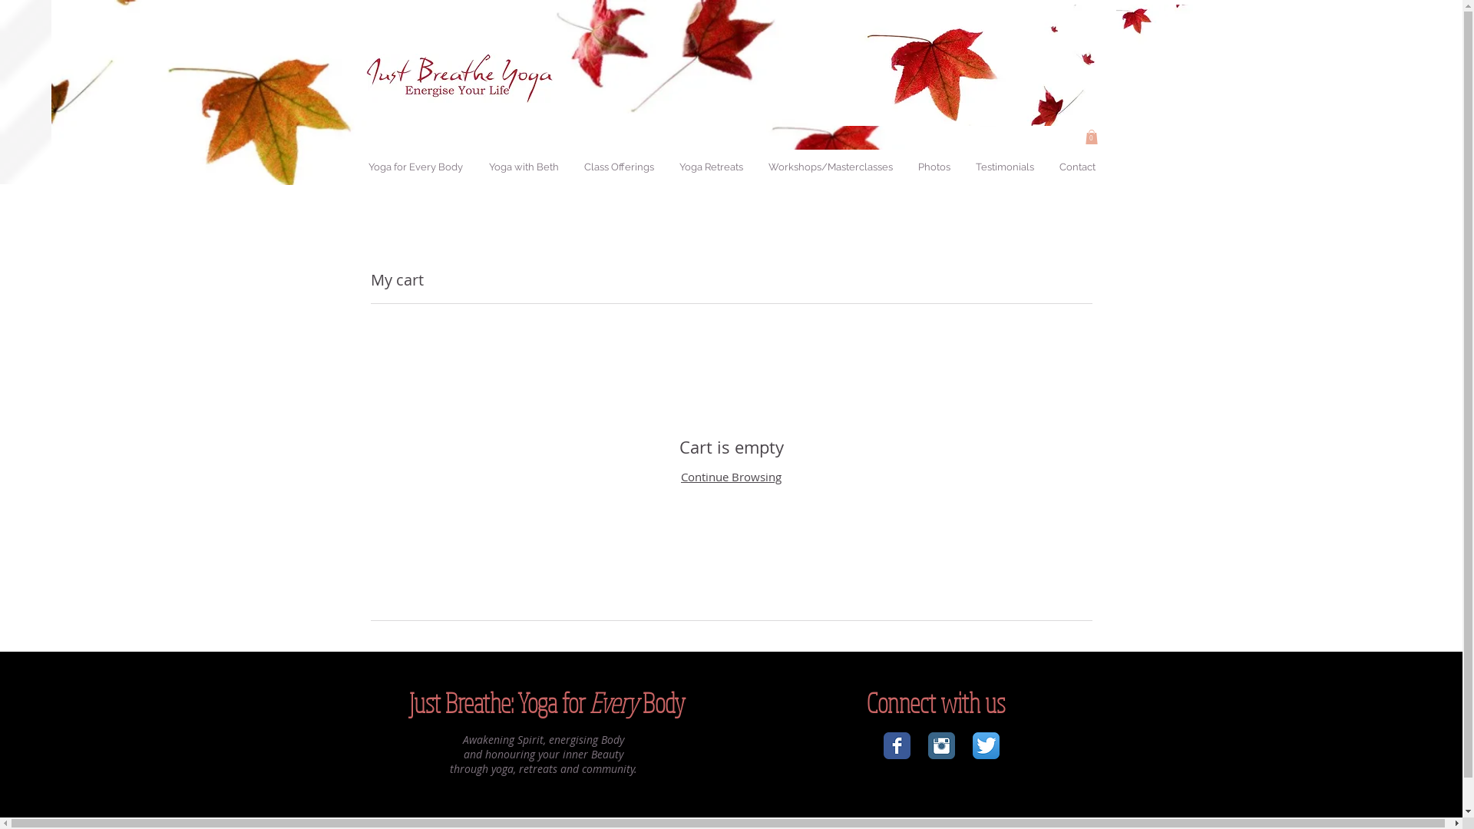 This screenshot has width=1474, height=829. I want to click on 'Continue Browsing', so click(730, 476).